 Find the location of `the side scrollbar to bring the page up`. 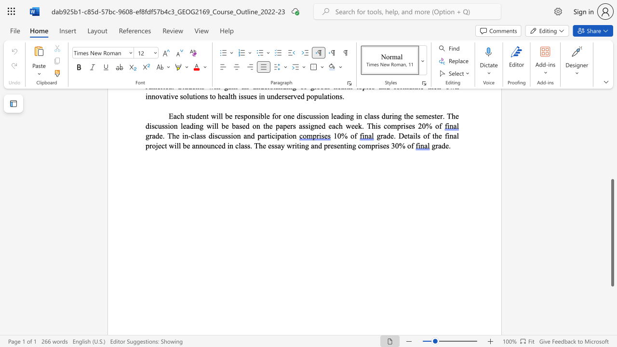

the side scrollbar to bring the page up is located at coordinates (612, 140).